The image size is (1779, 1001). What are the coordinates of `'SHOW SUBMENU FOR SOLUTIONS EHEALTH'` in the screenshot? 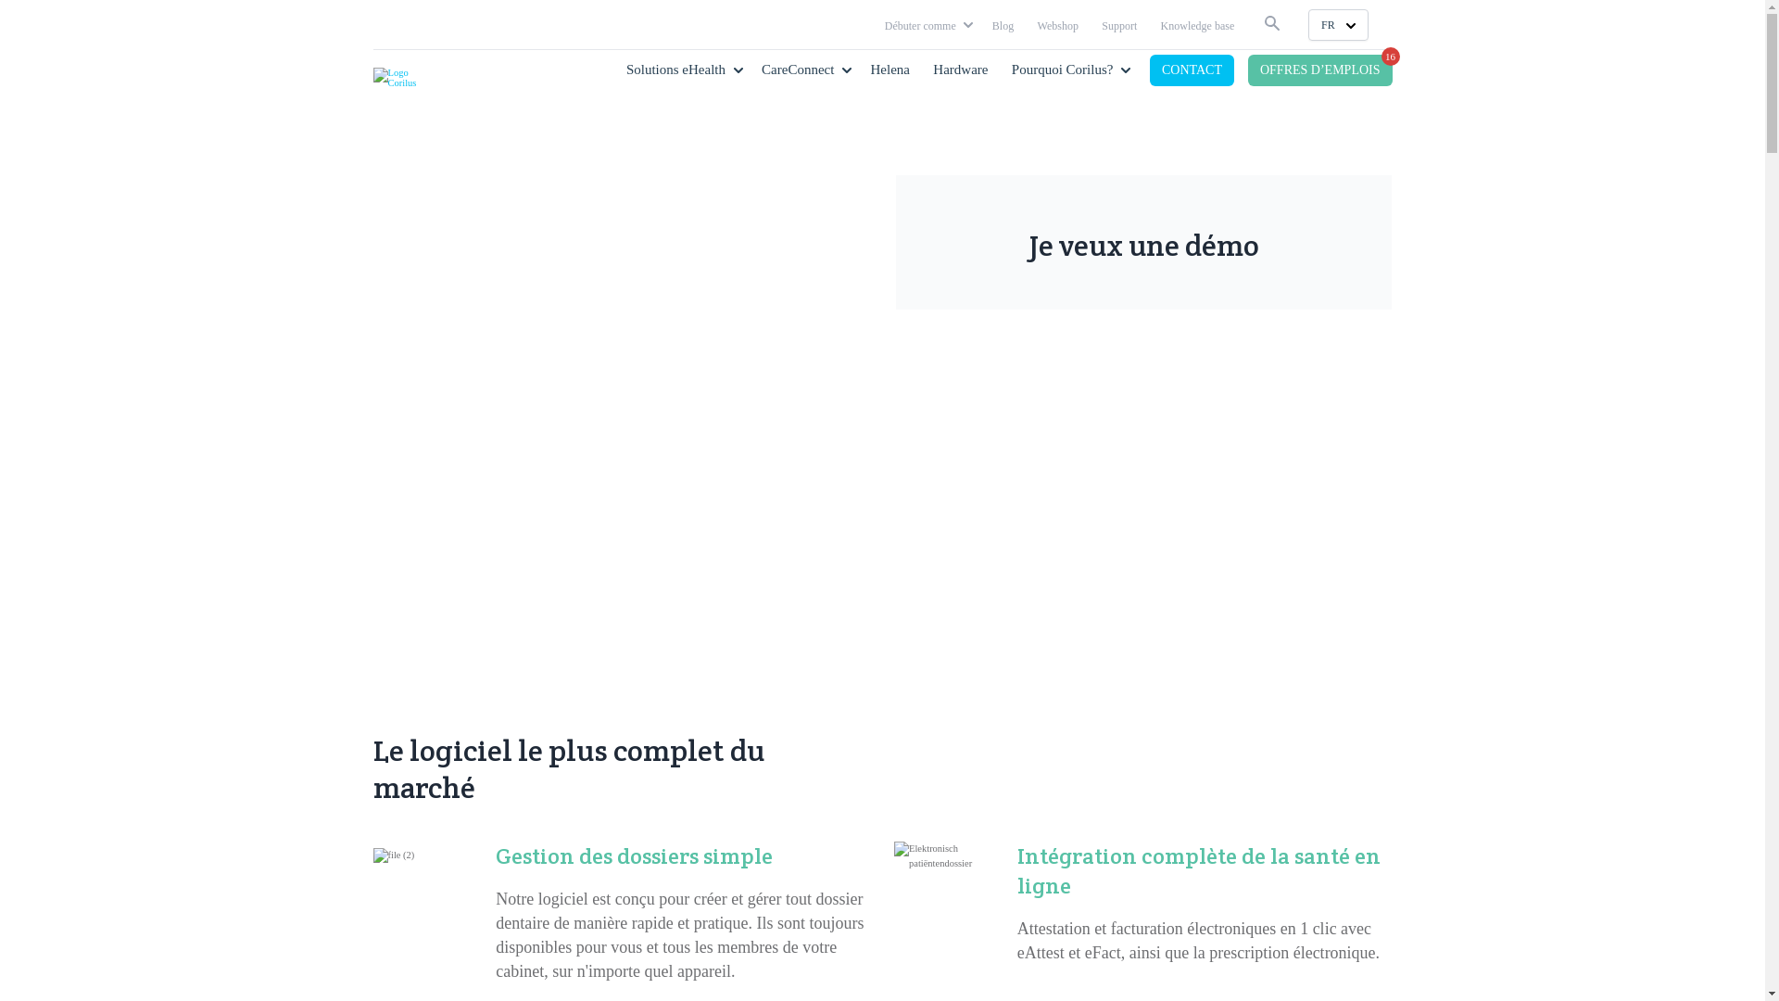 It's located at (737, 68).